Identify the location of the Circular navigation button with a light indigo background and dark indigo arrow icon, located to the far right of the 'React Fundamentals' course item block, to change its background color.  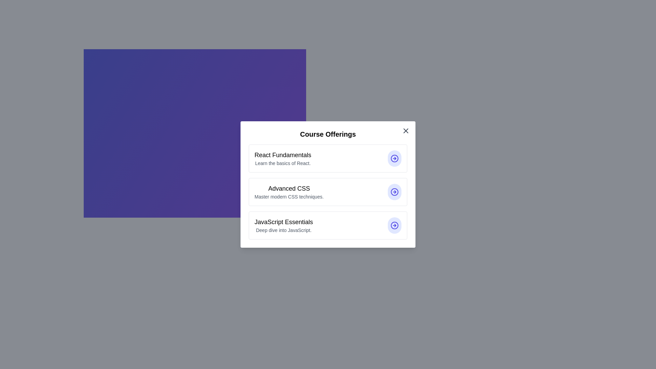
(395, 158).